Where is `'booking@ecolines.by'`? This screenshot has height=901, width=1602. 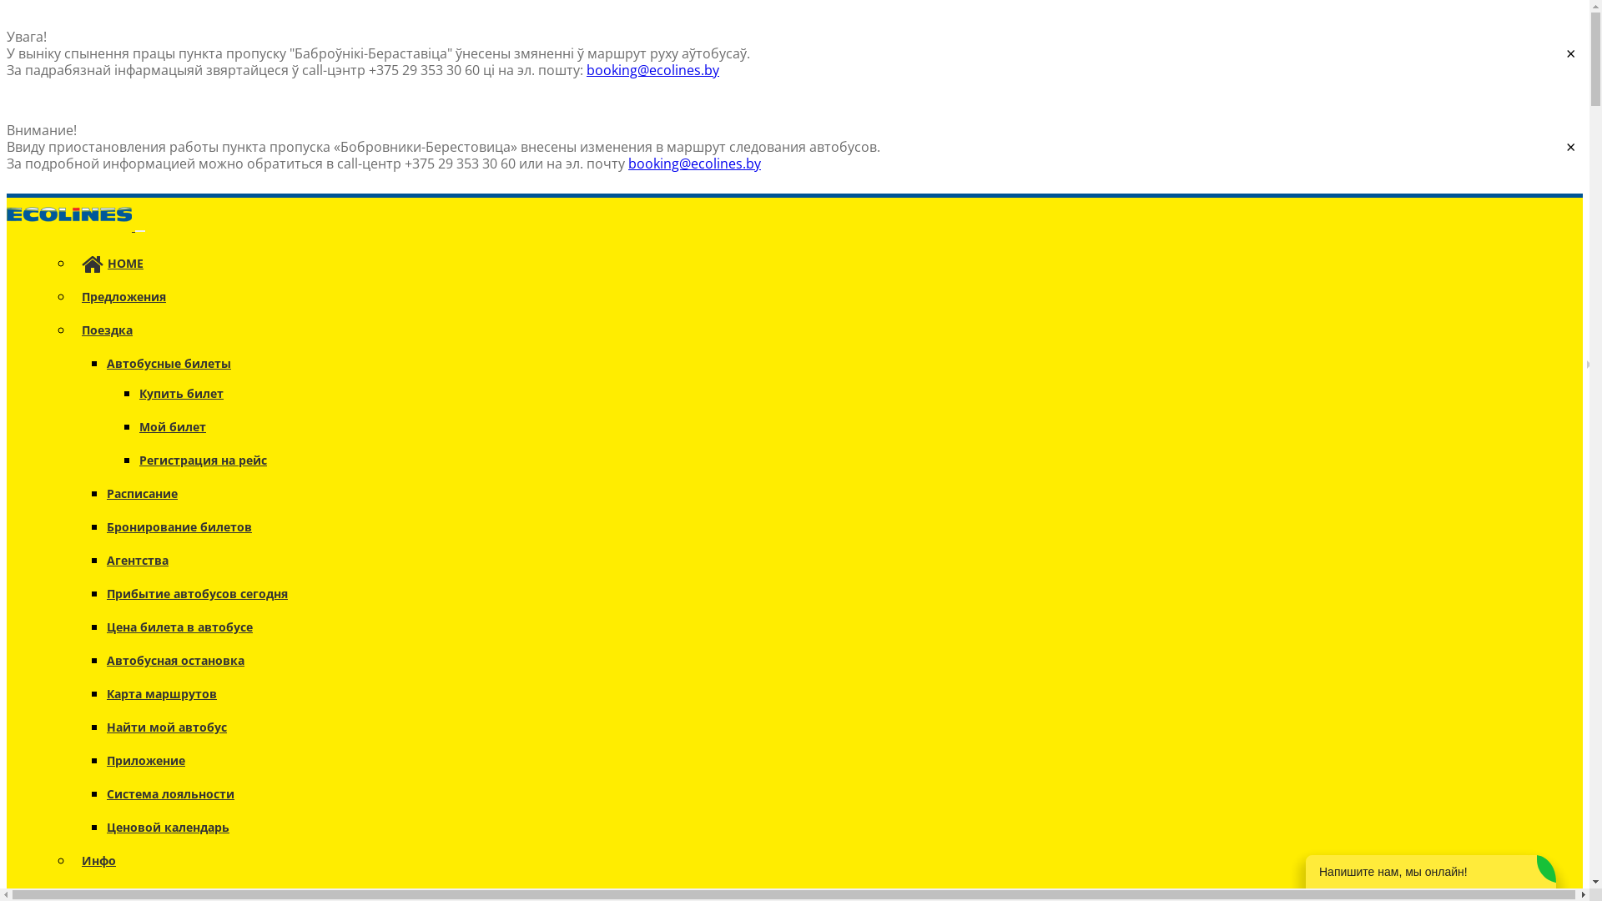
'booking@ecolines.by' is located at coordinates (586, 69).